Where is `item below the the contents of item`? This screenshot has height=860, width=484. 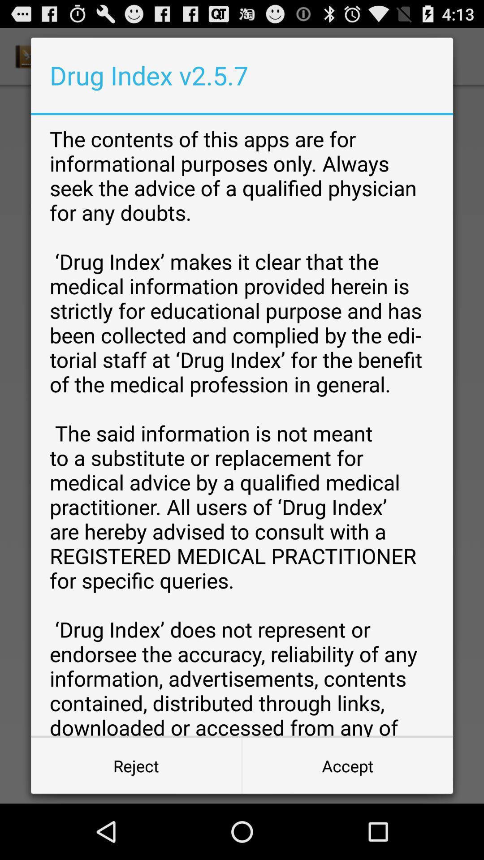 item below the the contents of item is located at coordinates (347, 765).